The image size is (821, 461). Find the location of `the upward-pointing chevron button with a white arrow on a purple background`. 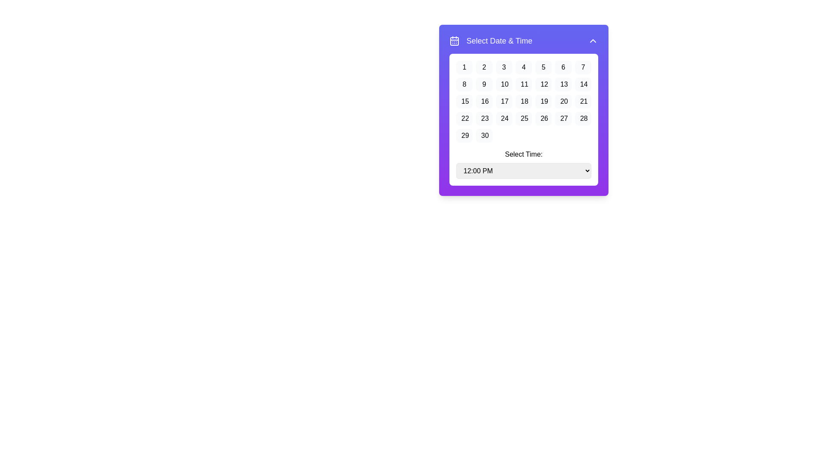

the upward-pointing chevron button with a white arrow on a purple background is located at coordinates (593, 41).